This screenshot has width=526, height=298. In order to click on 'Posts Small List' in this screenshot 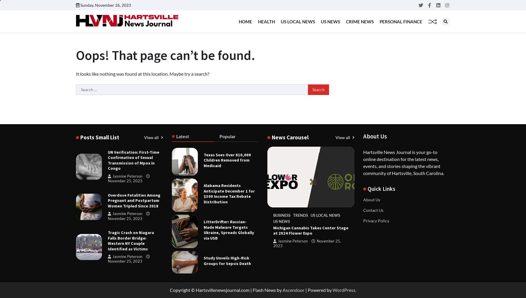, I will do `click(100, 137)`.